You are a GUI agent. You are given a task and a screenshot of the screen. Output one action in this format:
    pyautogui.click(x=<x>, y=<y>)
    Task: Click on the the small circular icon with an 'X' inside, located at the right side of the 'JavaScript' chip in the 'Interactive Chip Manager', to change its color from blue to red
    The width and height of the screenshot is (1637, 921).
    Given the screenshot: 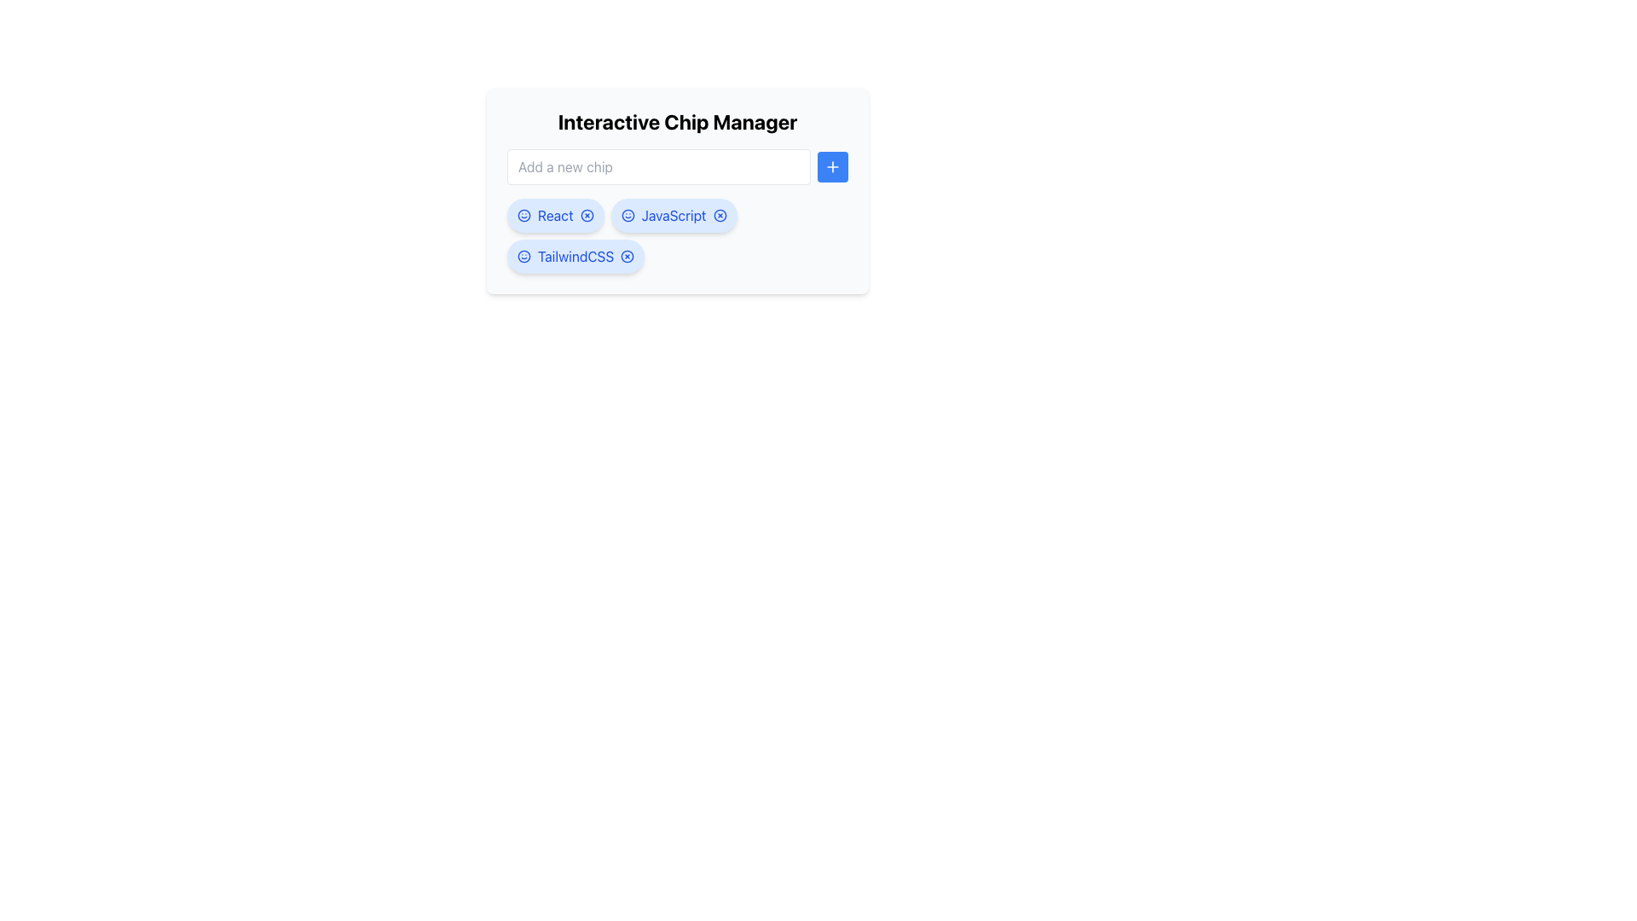 What is the action you would take?
    pyautogui.click(x=720, y=215)
    